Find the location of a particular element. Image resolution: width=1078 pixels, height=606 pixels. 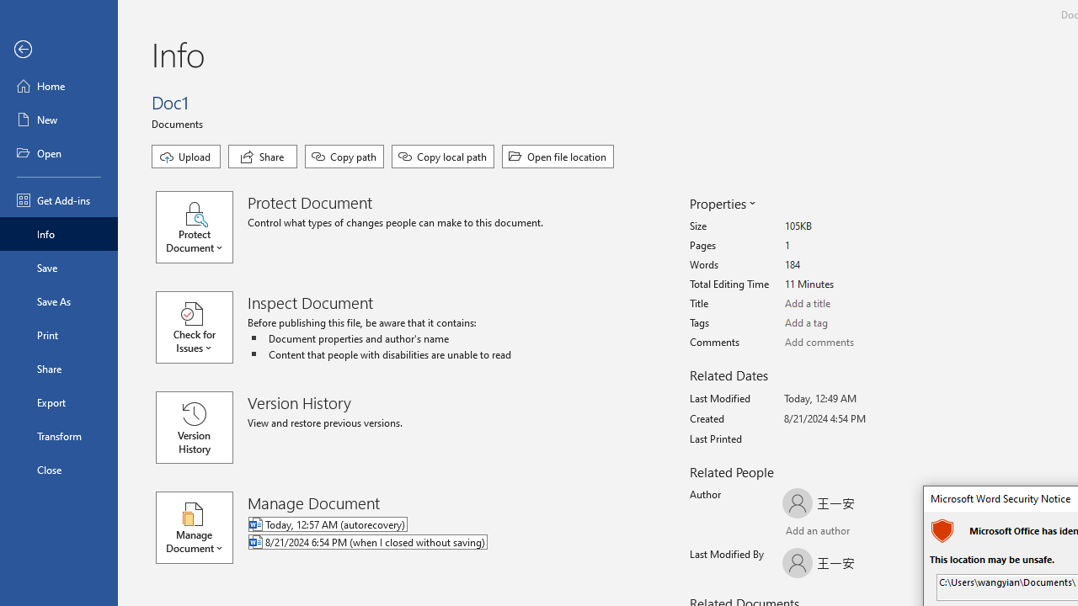

'Verify Names' is located at coordinates (829, 532).